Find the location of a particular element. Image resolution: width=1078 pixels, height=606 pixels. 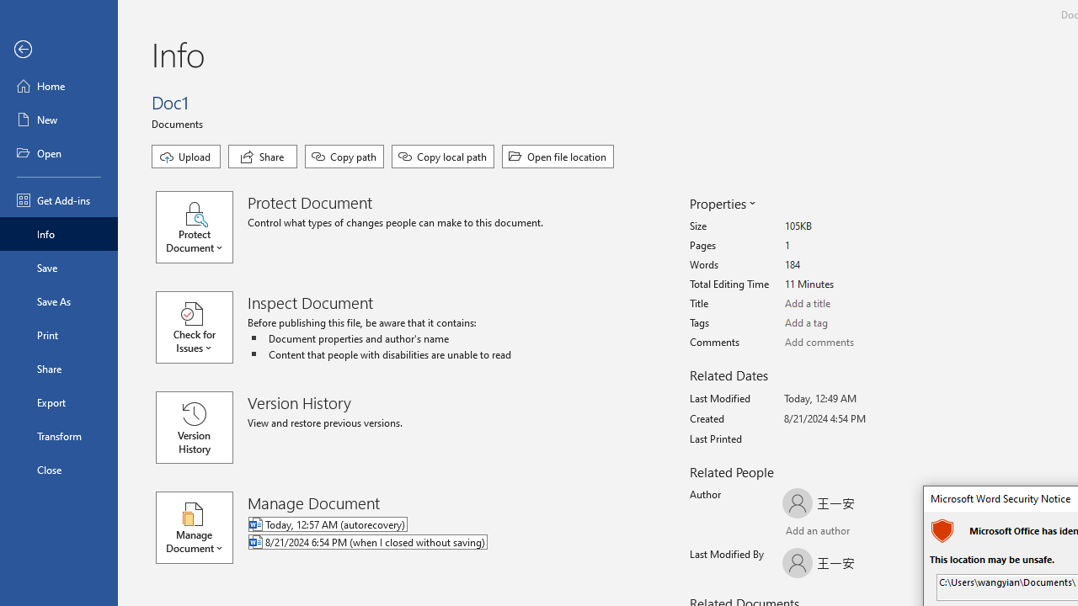

'Verify Names' is located at coordinates (829, 532).